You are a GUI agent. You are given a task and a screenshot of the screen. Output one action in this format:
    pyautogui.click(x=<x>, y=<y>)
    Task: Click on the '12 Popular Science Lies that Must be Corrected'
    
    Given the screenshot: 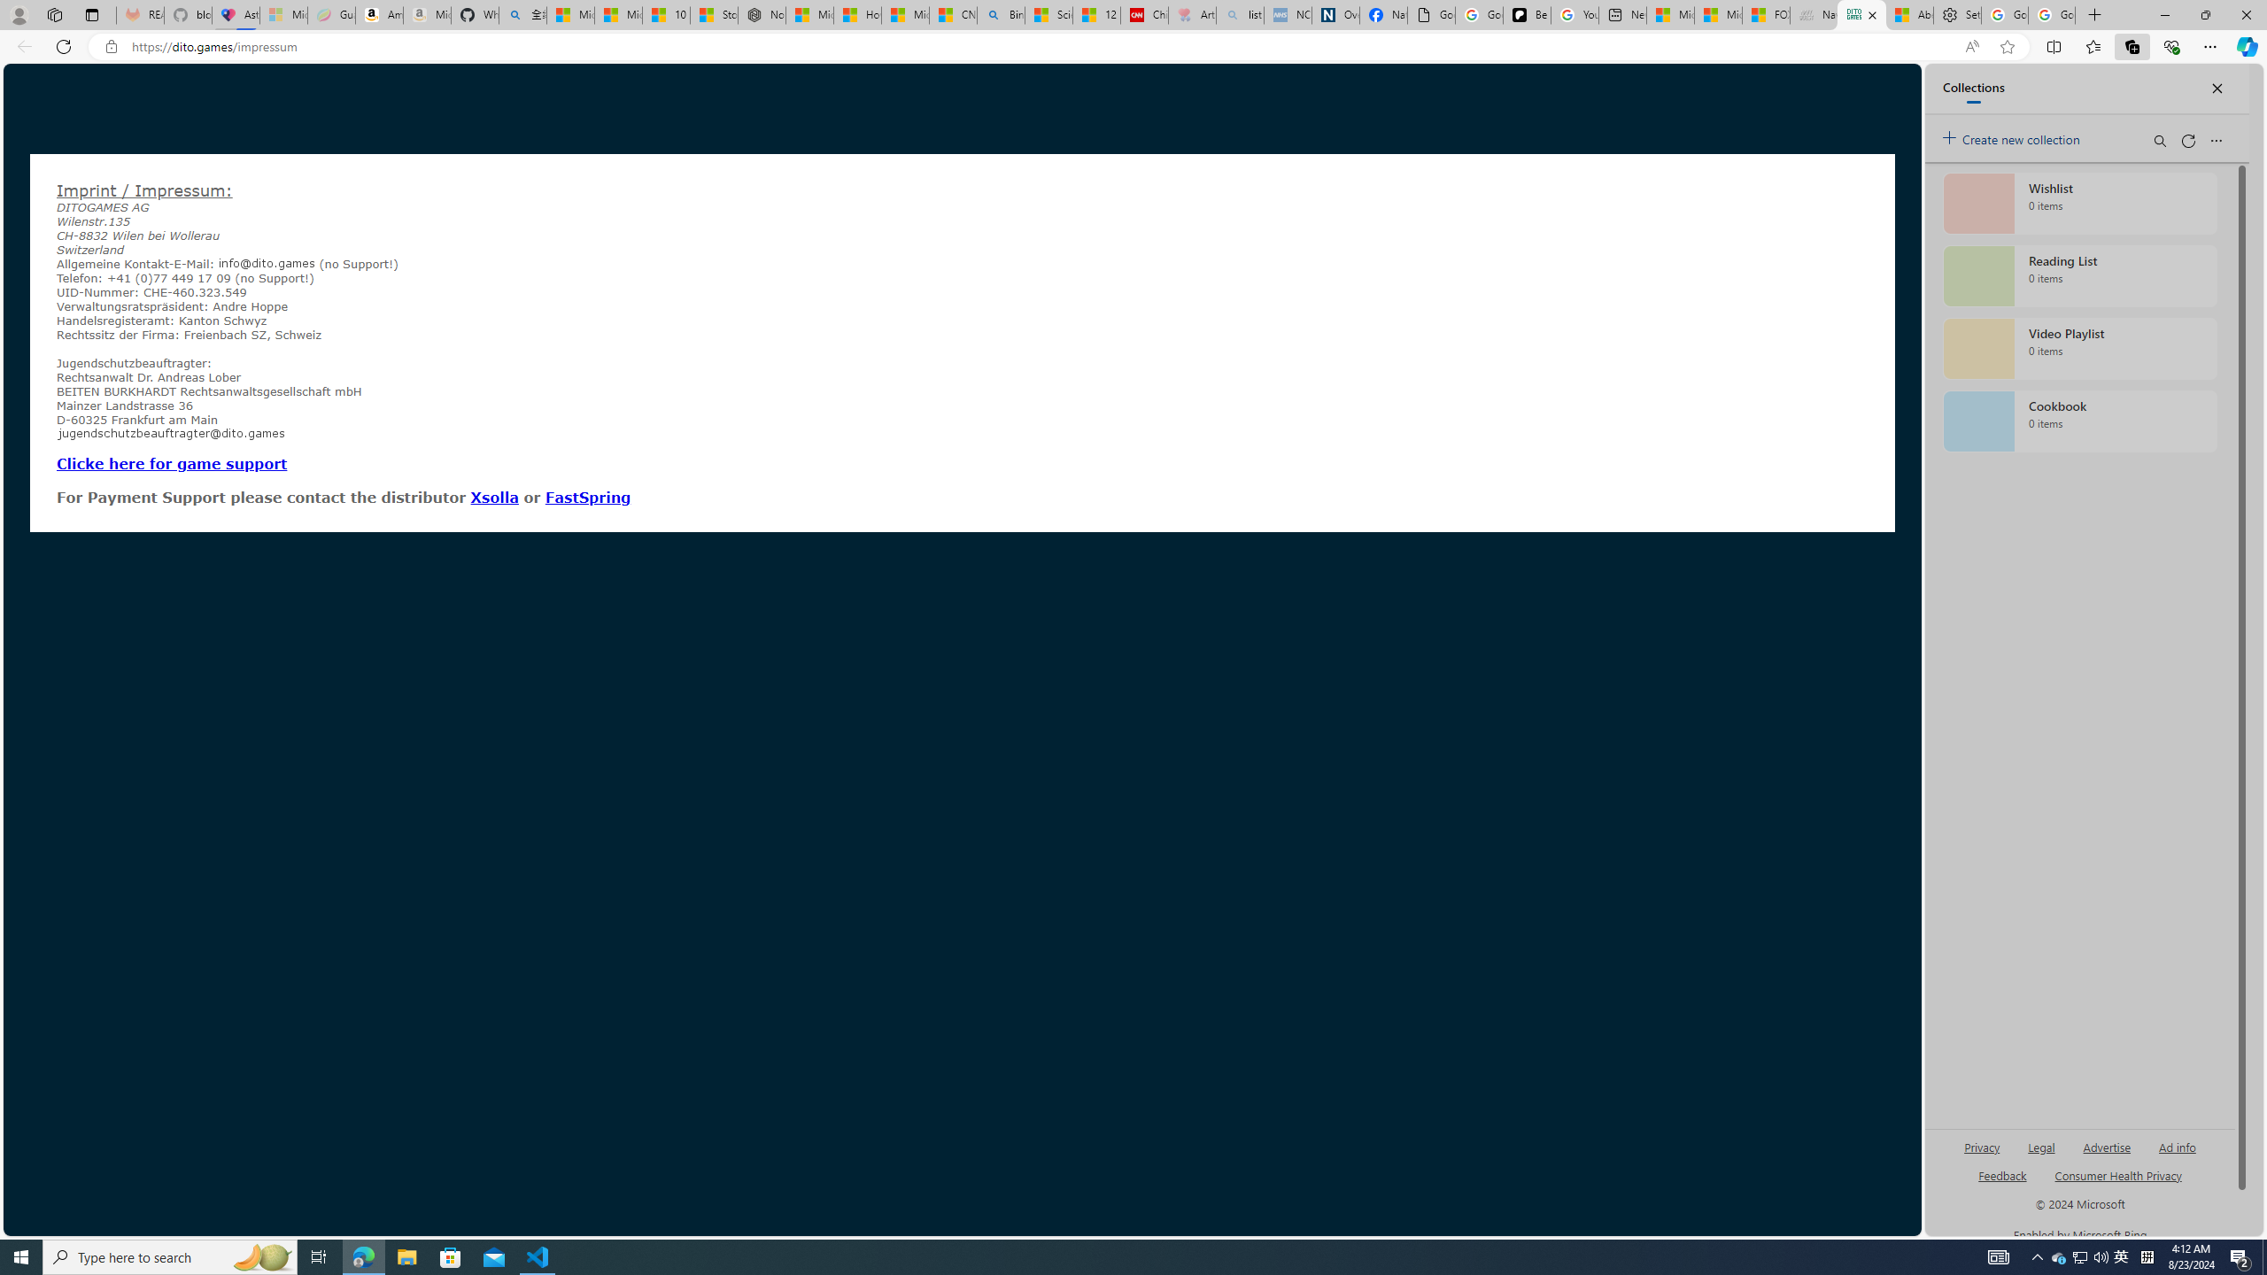 What is the action you would take?
    pyautogui.click(x=1097, y=14)
    